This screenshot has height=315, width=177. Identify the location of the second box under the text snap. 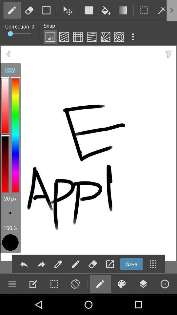
(64, 37).